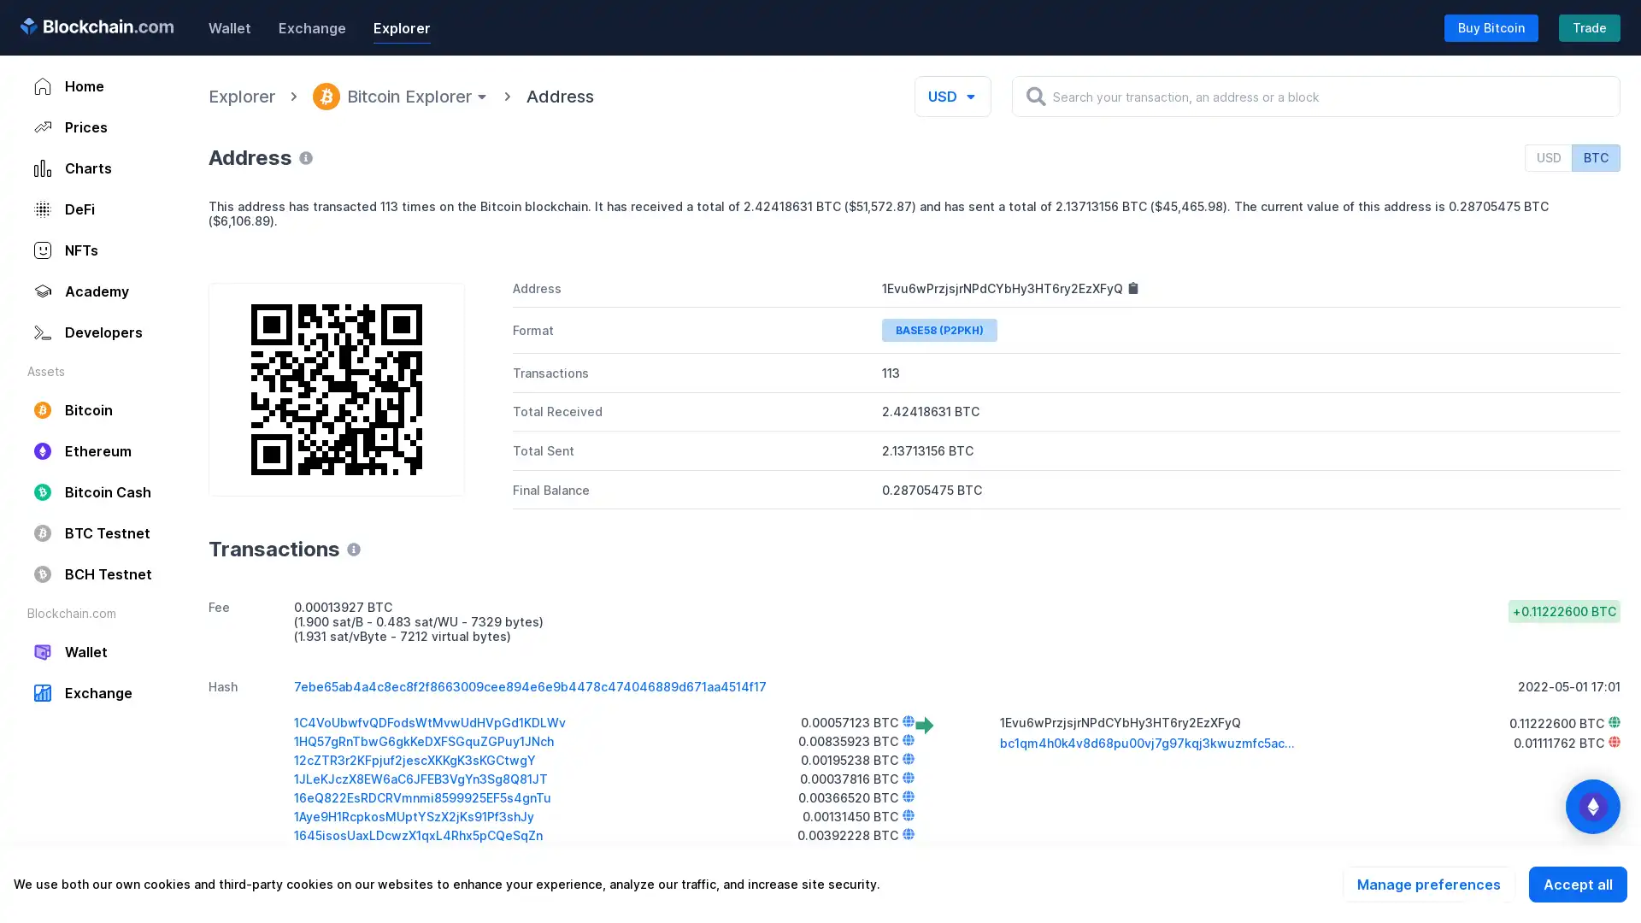  What do you see at coordinates (1491, 26) in the screenshot?
I see `Buy Bitcoin` at bounding box center [1491, 26].